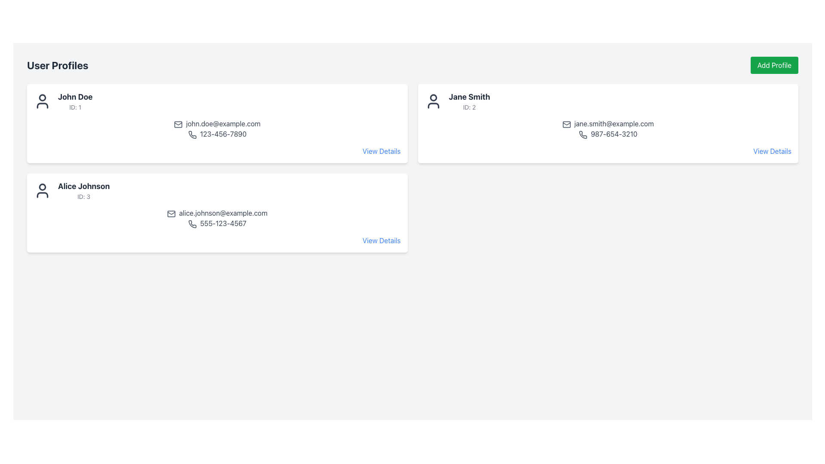 The image size is (825, 464). I want to click on the user name text label in the upper-right user profile card, which is positioned to the right of the avatar icon and above the 'ID: 2' label, so click(469, 97).